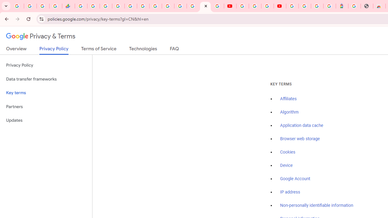  I want to click on 'Algorithm', so click(289, 112).